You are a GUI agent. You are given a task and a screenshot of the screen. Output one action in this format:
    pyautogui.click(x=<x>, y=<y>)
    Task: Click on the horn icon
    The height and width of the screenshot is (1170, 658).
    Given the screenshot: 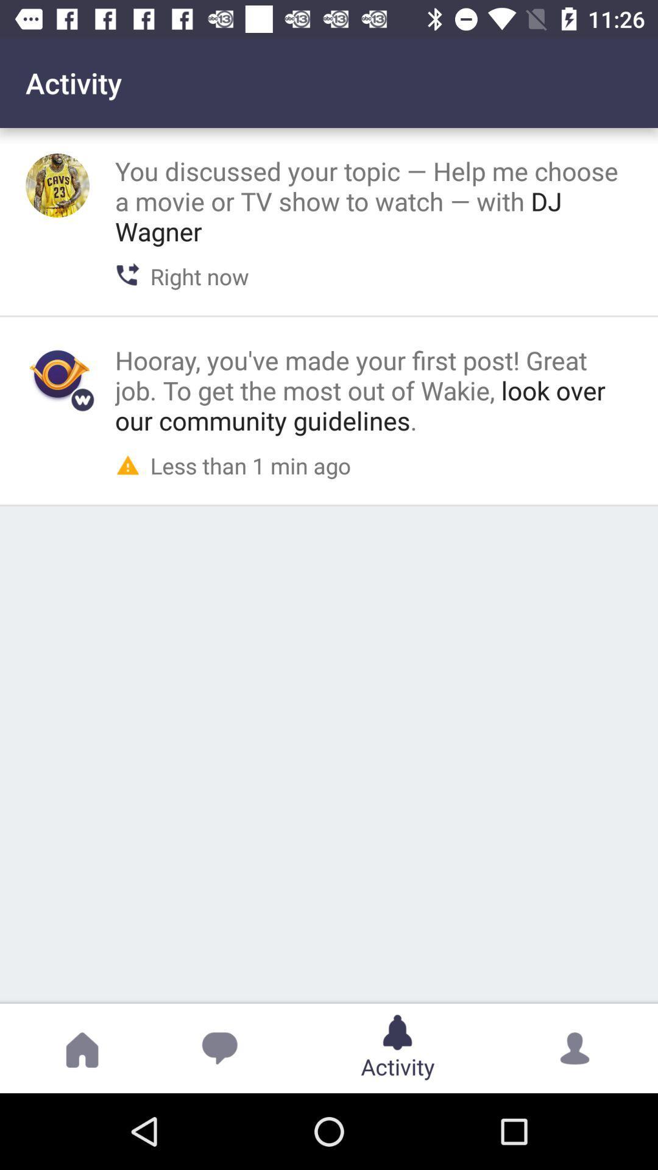 What is the action you would take?
    pyautogui.click(x=57, y=374)
    